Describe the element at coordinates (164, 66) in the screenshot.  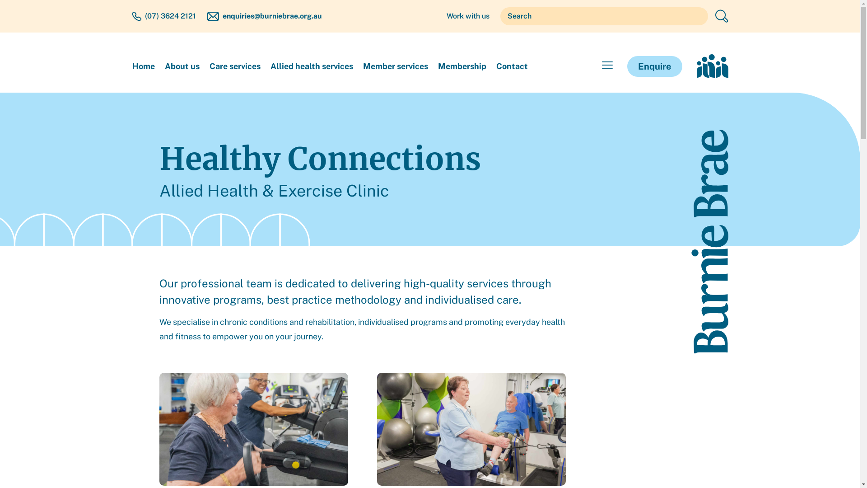
I see `'About us'` at that location.